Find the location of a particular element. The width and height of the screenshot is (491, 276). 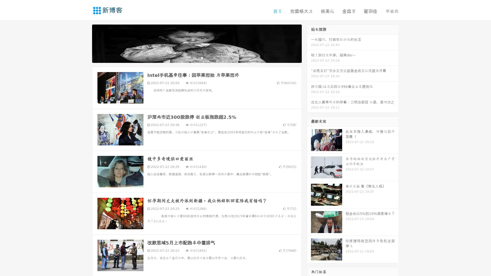

Go to slide 2 is located at coordinates (196, 57).